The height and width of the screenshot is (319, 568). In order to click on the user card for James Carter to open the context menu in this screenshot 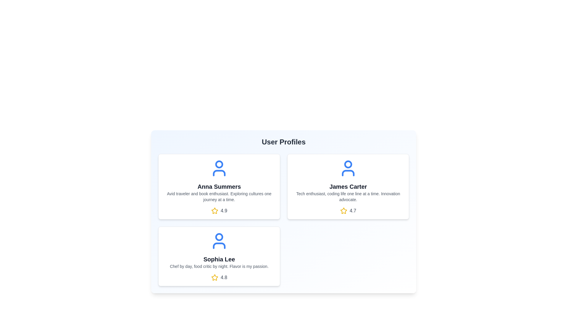, I will do `click(348, 187)`.